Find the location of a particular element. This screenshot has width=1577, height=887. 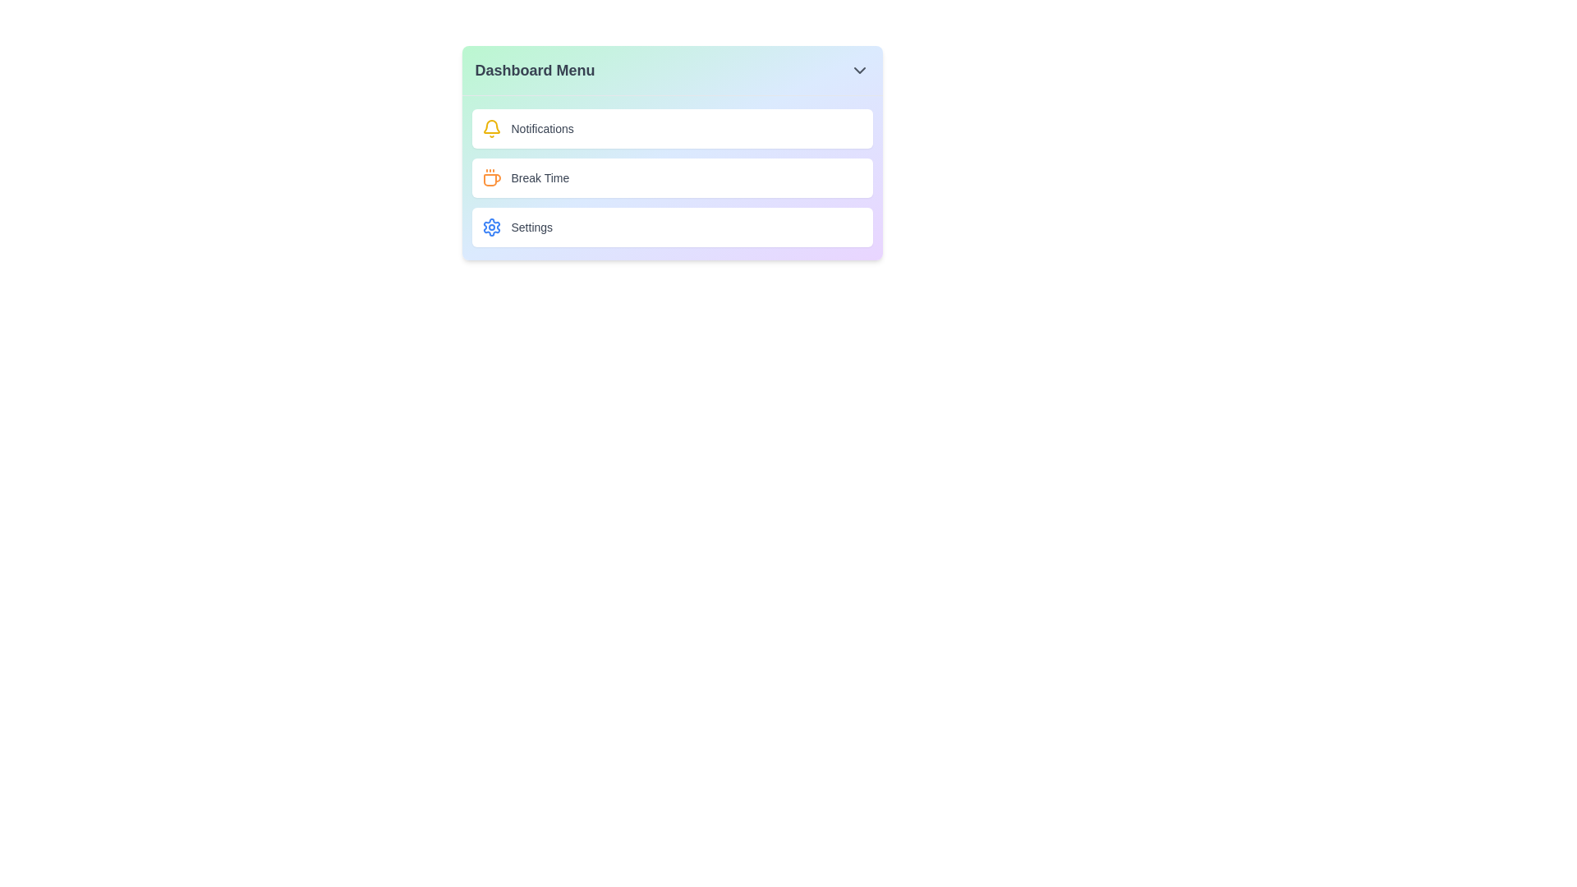

the 'Settings' text label in the Dashboard Menu, which is the third menu item and styled in gray with a modern sans-serif font is located at coordinates (531, 227).